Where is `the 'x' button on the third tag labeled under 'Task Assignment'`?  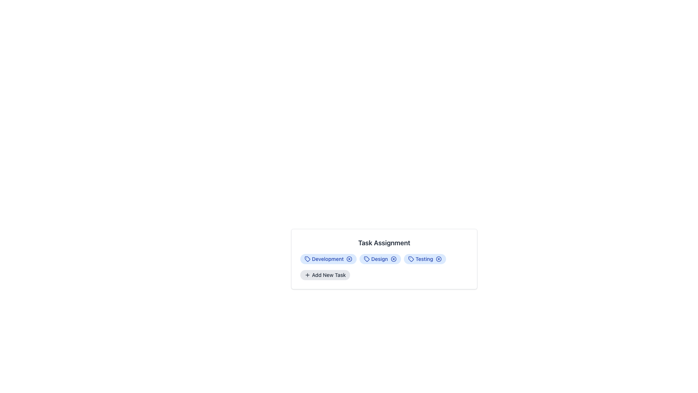 the 'x' button on the third tag labeled under 'Task Assignment' is located at coordinates (425, 259).